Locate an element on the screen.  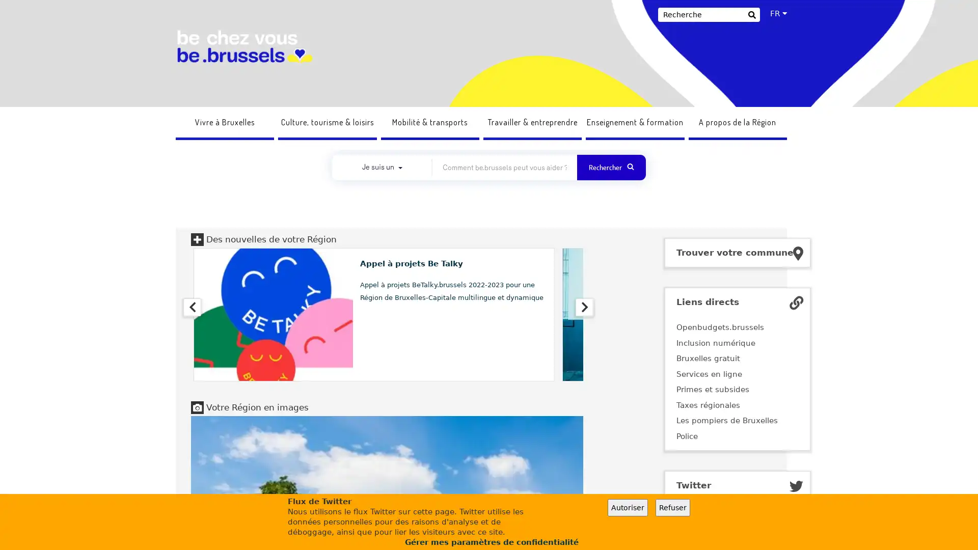
Autoriser is located at coordinates (627, 507).